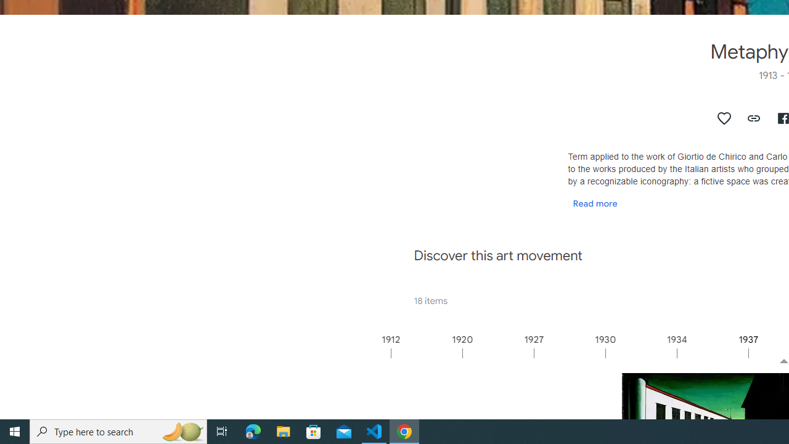 This screenshot has height=444, width=789. I want to click on 'Read more', so click(595, 202).